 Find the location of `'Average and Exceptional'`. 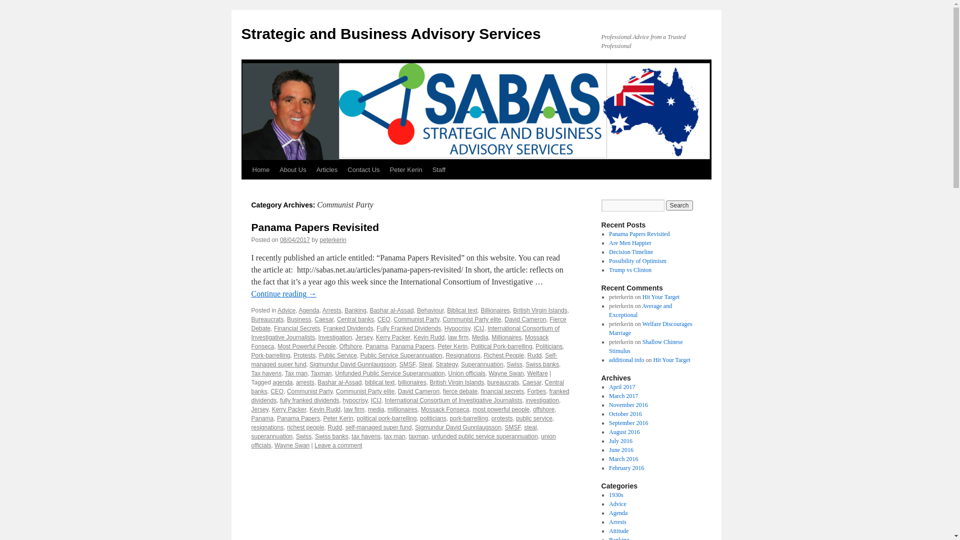

'Average and Exceptional' is located at coordinates (640, 310).